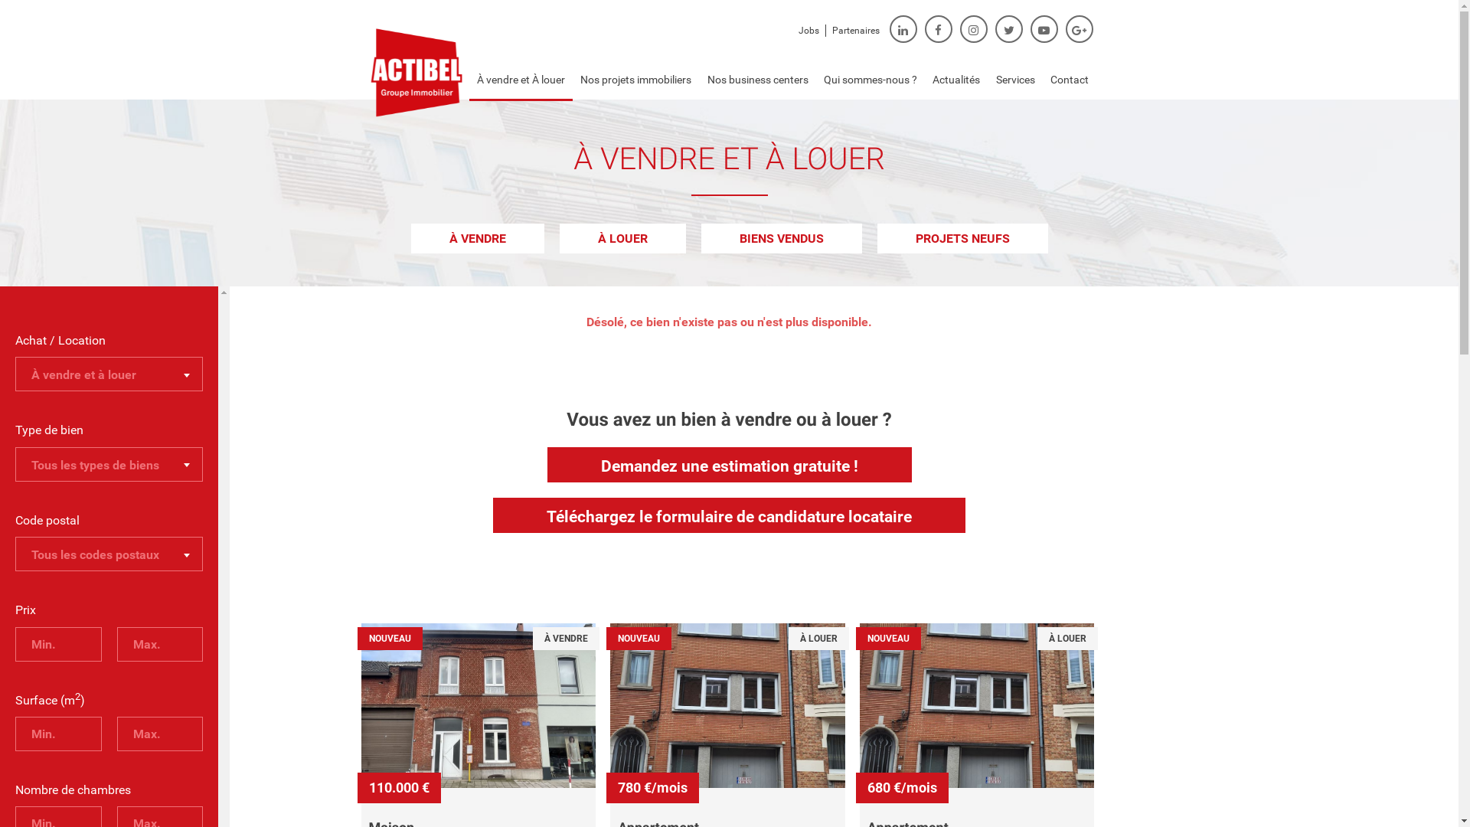  Describe the element at coordinates (973, 29) in the screenshot. I see `'Instagram'` at that location.